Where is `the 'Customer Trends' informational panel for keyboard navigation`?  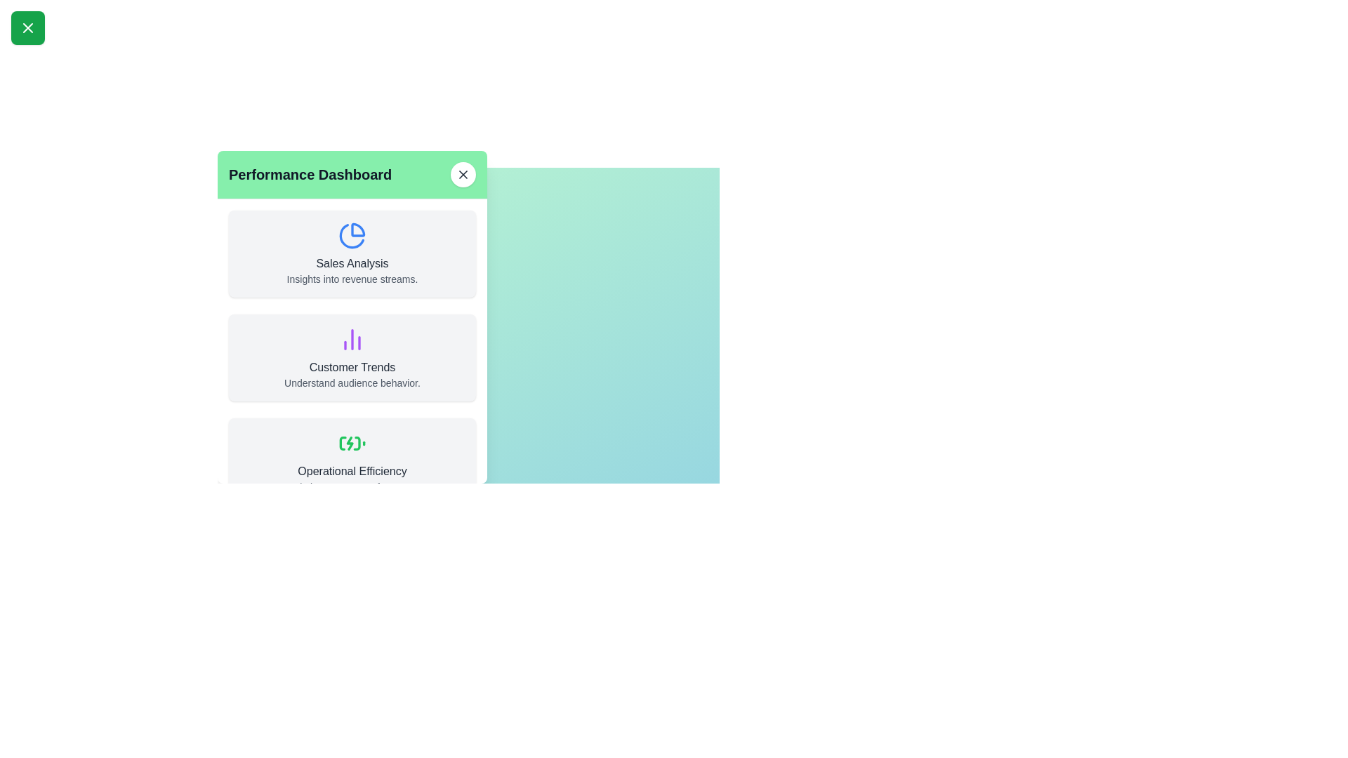
the 'Customer Trends' informational panel for keyboard navigation is located at coordinates (468, 317).